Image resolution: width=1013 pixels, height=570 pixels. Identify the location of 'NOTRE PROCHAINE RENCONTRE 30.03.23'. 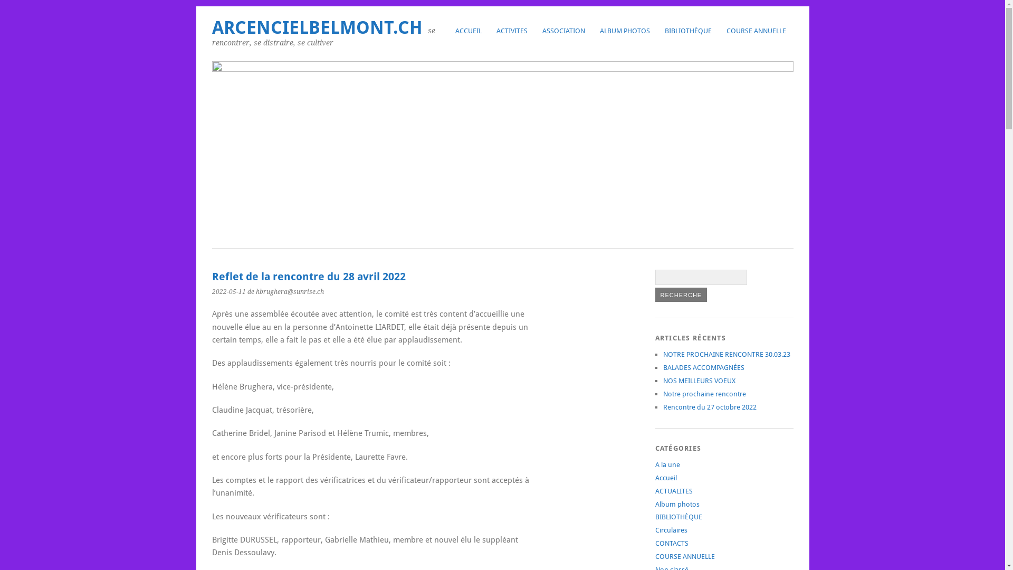
(725, 354).